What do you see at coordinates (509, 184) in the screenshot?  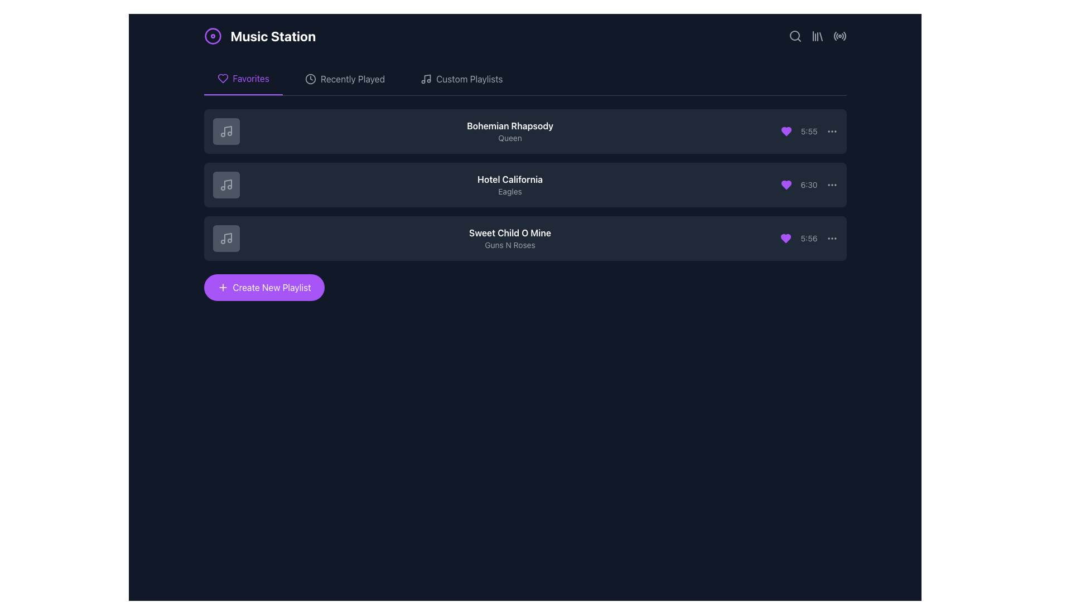 I see `the text display element showing 'Hotel California' by 'Eagles'` at bounding box center [509, 184].